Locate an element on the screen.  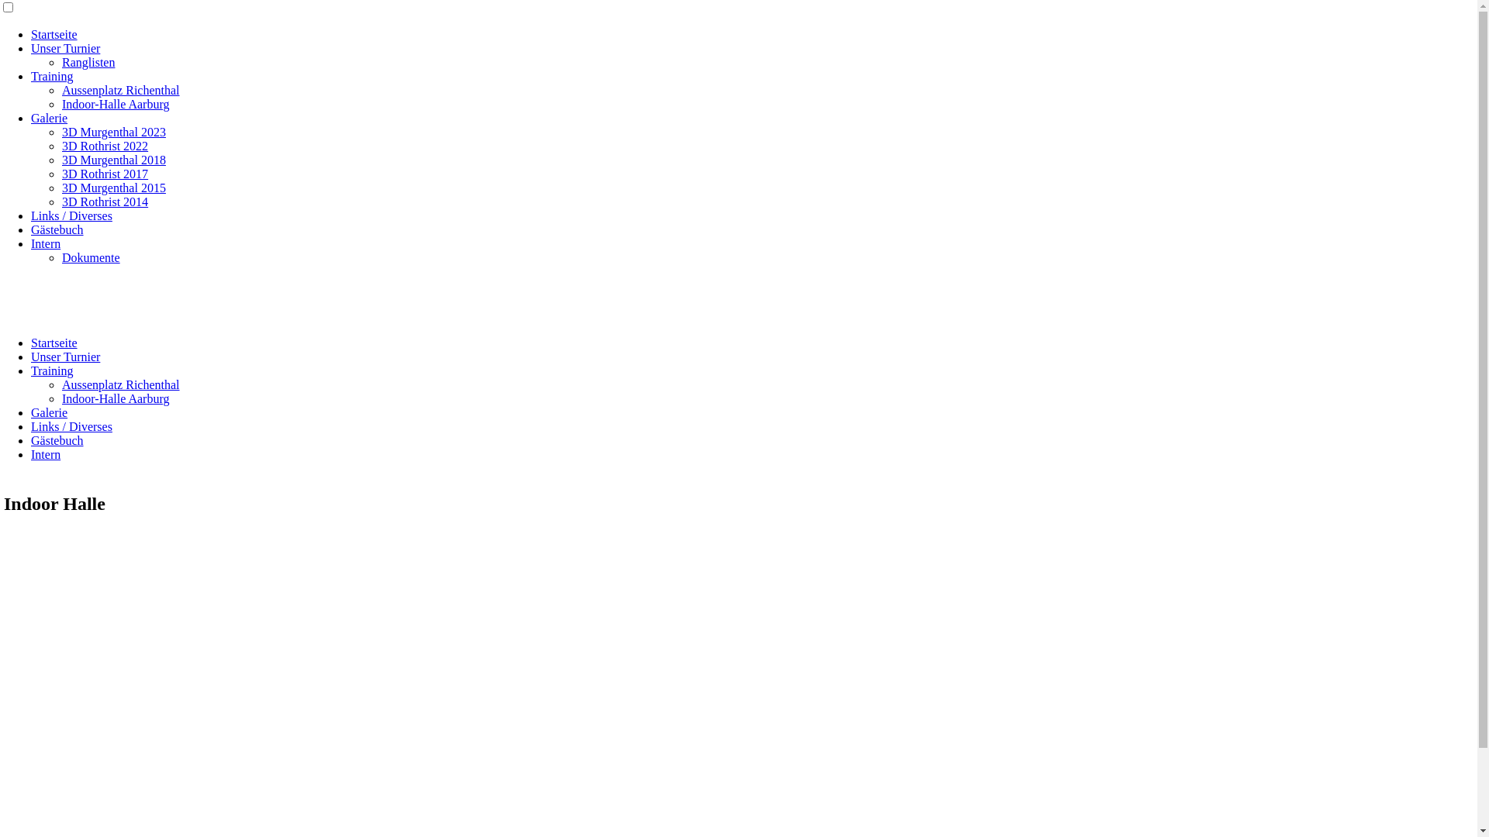
'Training' is located at coordinates (52, 76).